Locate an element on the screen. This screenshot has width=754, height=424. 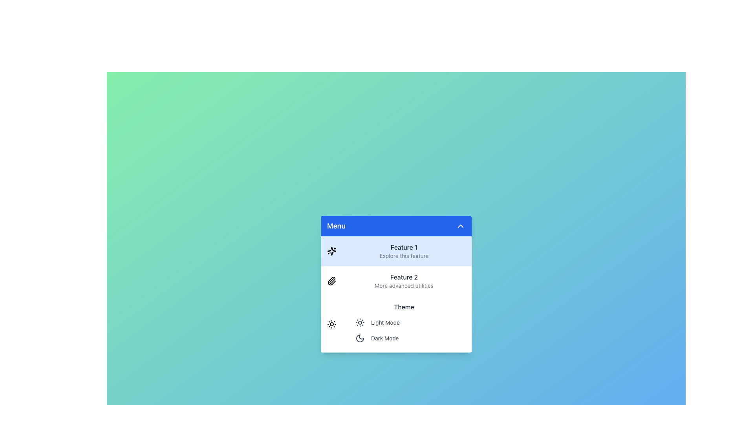
the descriptive label located directly underneath 'Feature 1' in the menu dialog box is located at coordinates (404, 256).